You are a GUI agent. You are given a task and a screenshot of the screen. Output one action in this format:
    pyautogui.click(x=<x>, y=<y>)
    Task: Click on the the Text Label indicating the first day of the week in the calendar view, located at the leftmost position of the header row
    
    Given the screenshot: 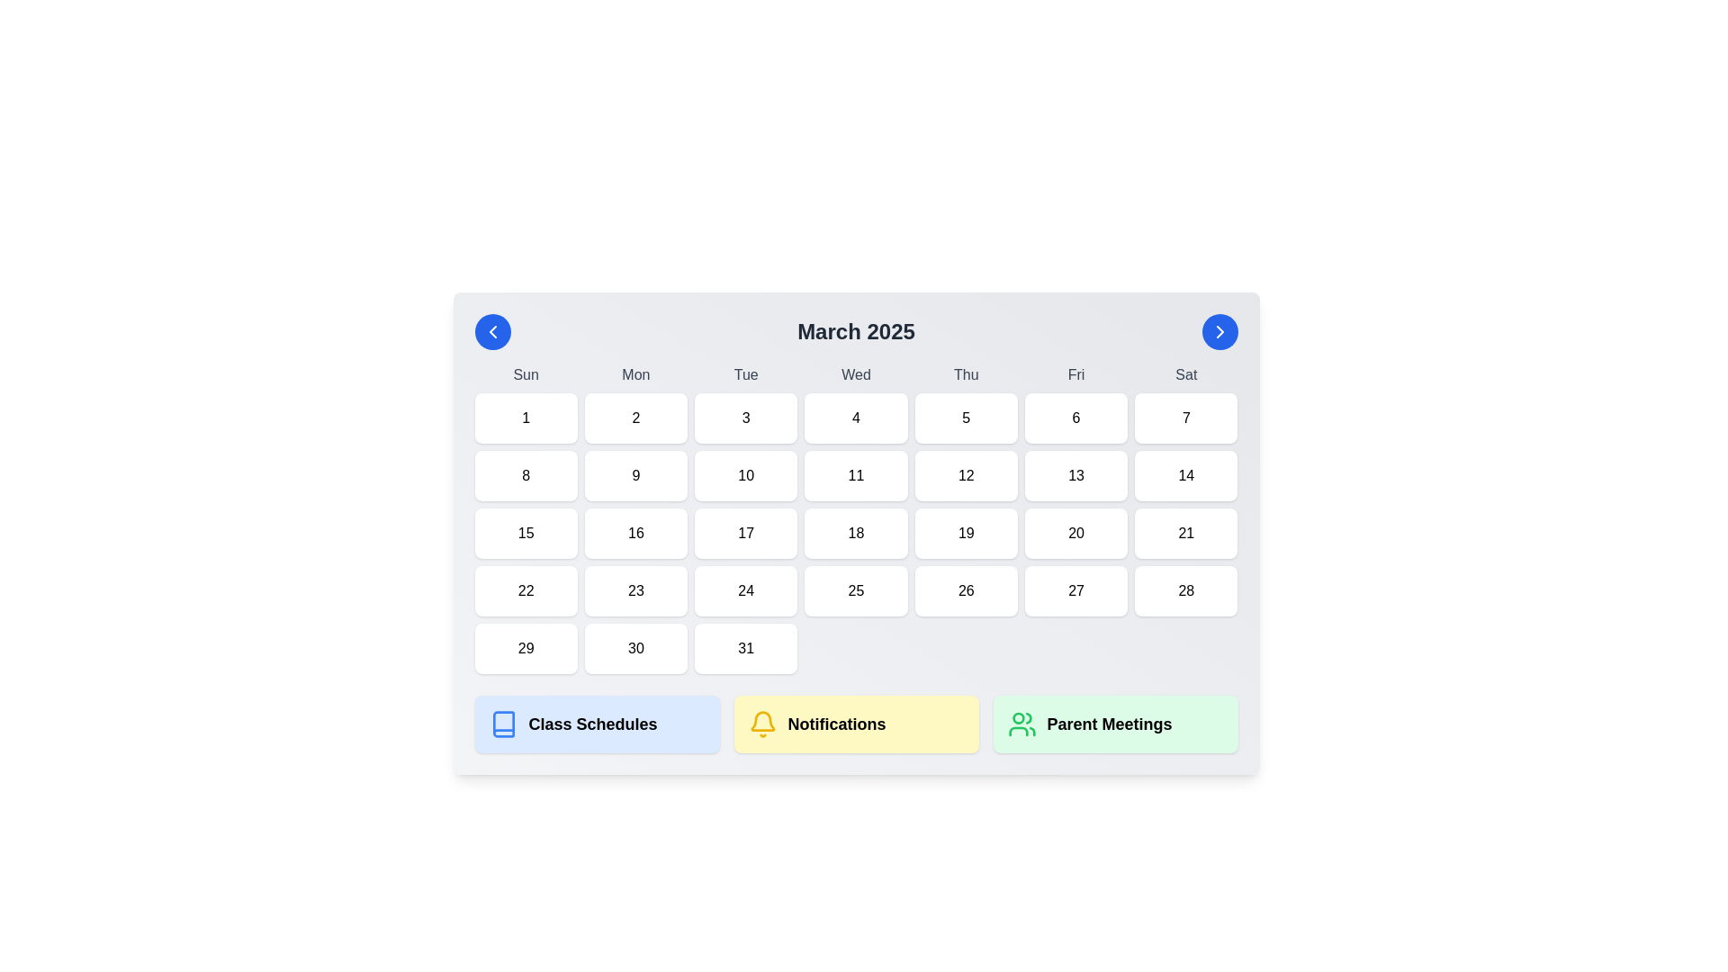 What is the action you would take?
    pyautogui.click(x=525, y=373)
    